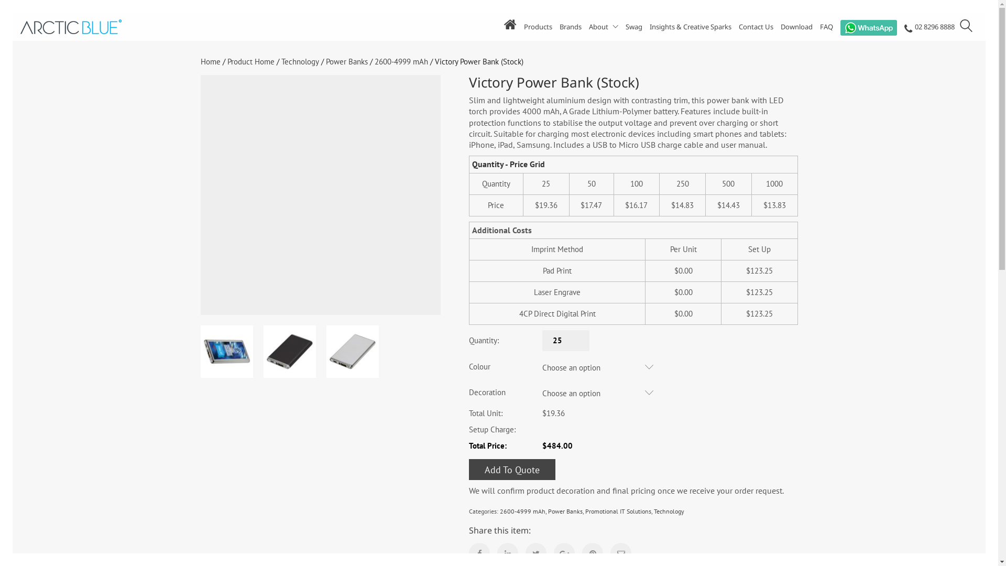  I want to click on 'Promotional IT Solutions', so click(618, 510).